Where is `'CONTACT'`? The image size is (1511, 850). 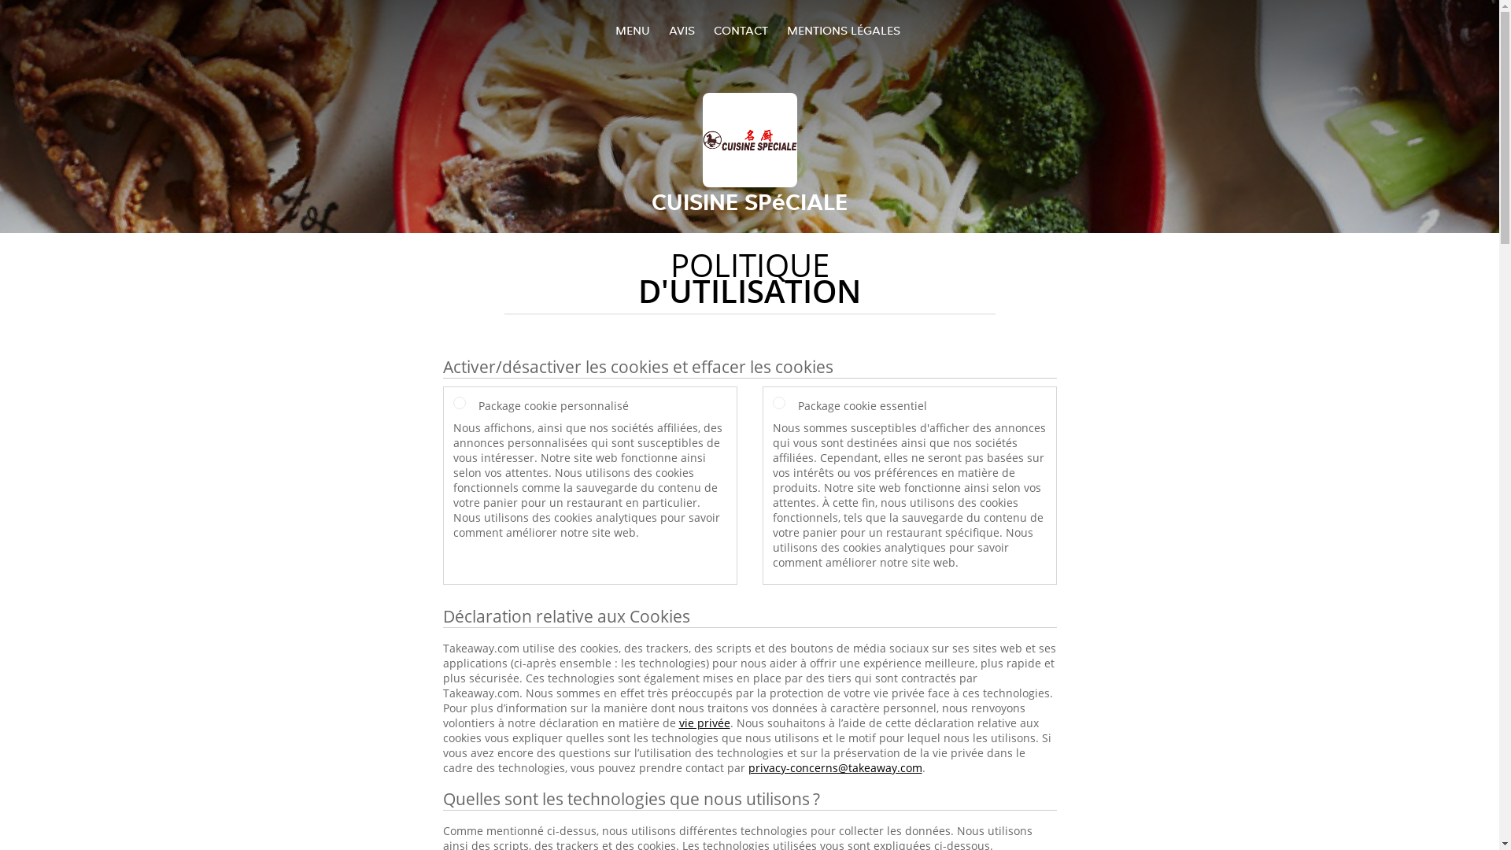
'CONTACT' is located at coordinates (739, 30).